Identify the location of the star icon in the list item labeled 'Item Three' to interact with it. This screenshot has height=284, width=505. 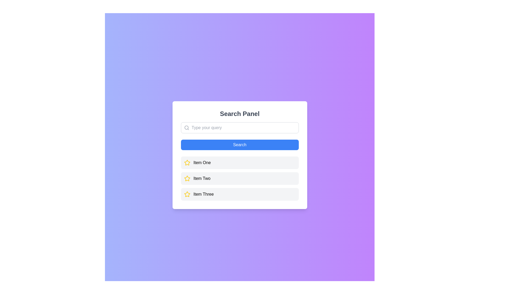
(187, 194).